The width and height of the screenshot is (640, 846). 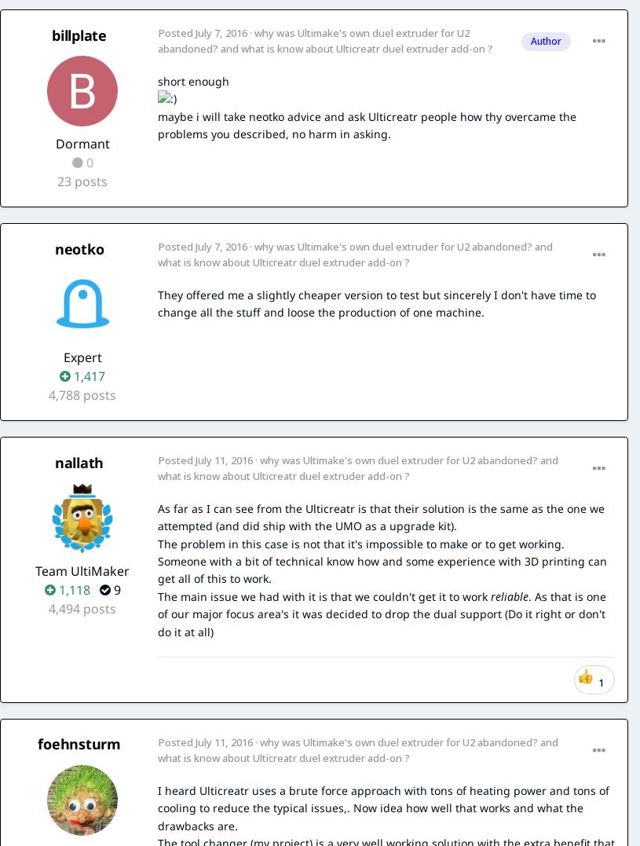 I want to click on 'reliable', so click(x=490, y=595).